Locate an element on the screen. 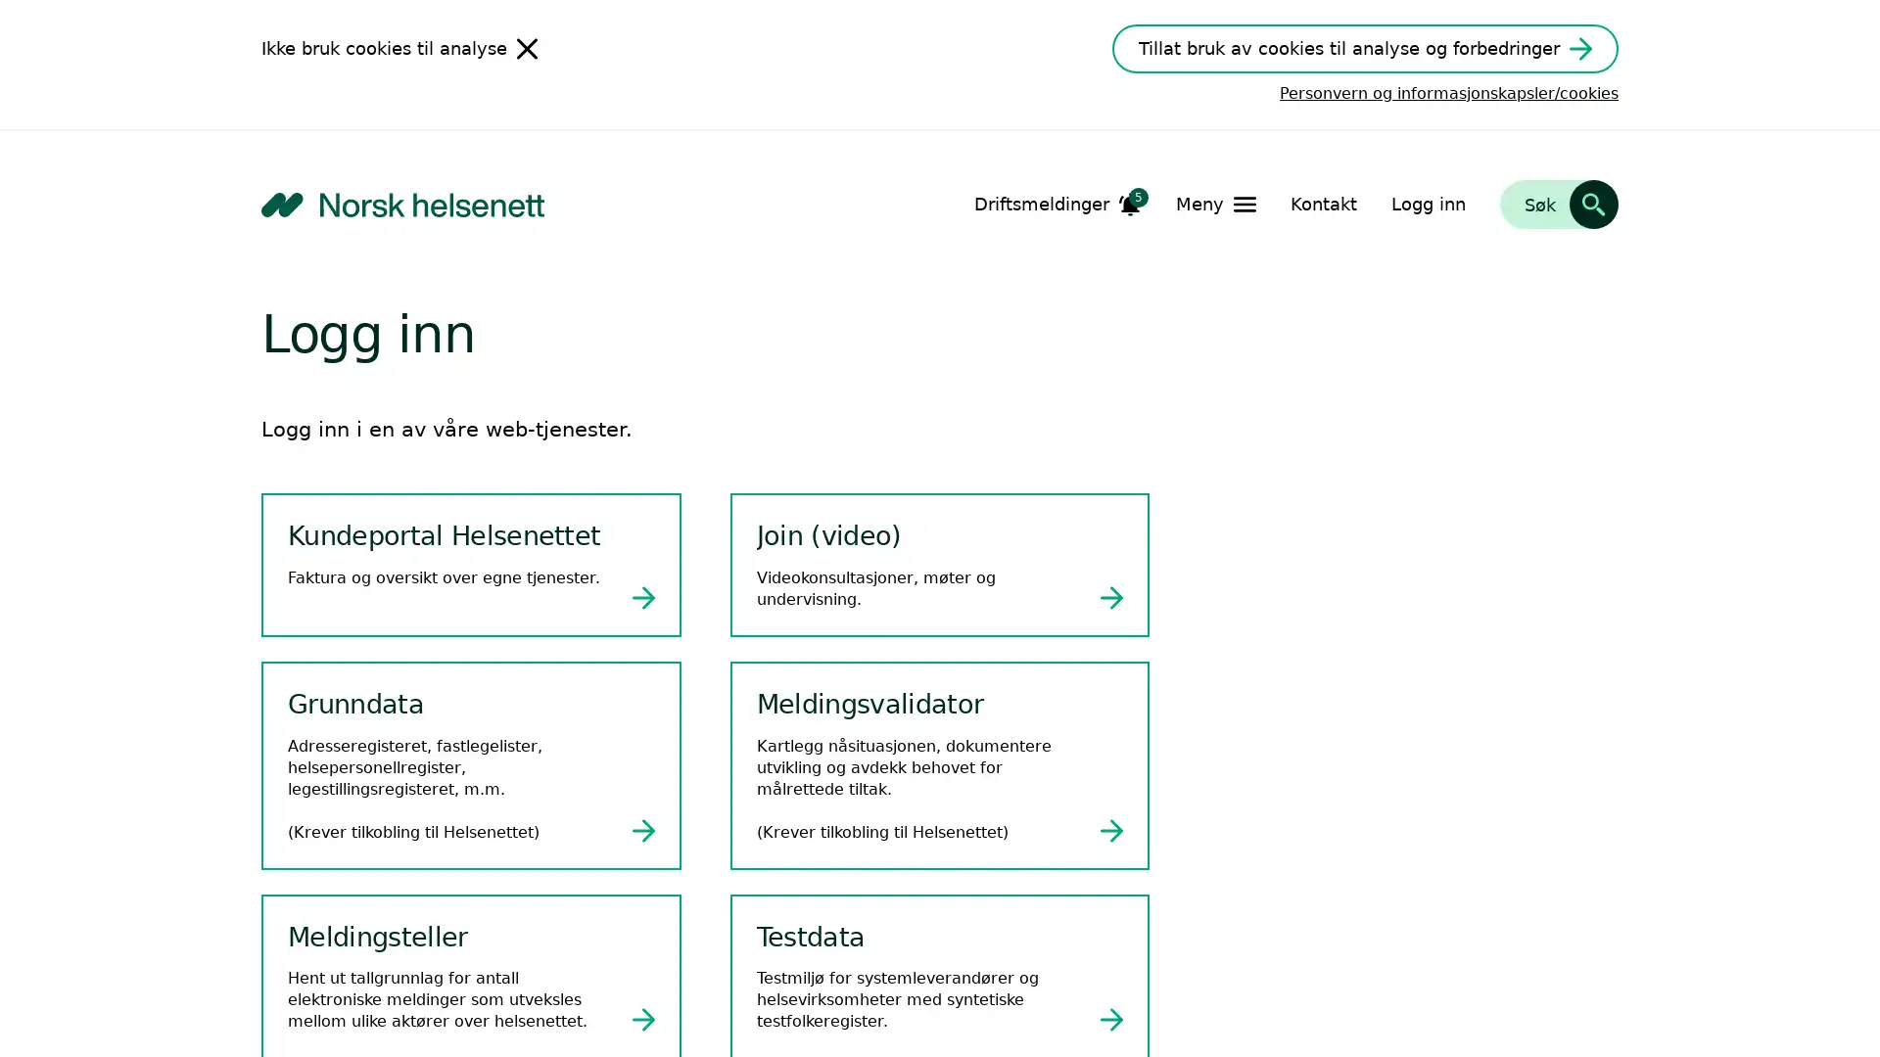  Apne Meny is located at coordinates (1215, 204).